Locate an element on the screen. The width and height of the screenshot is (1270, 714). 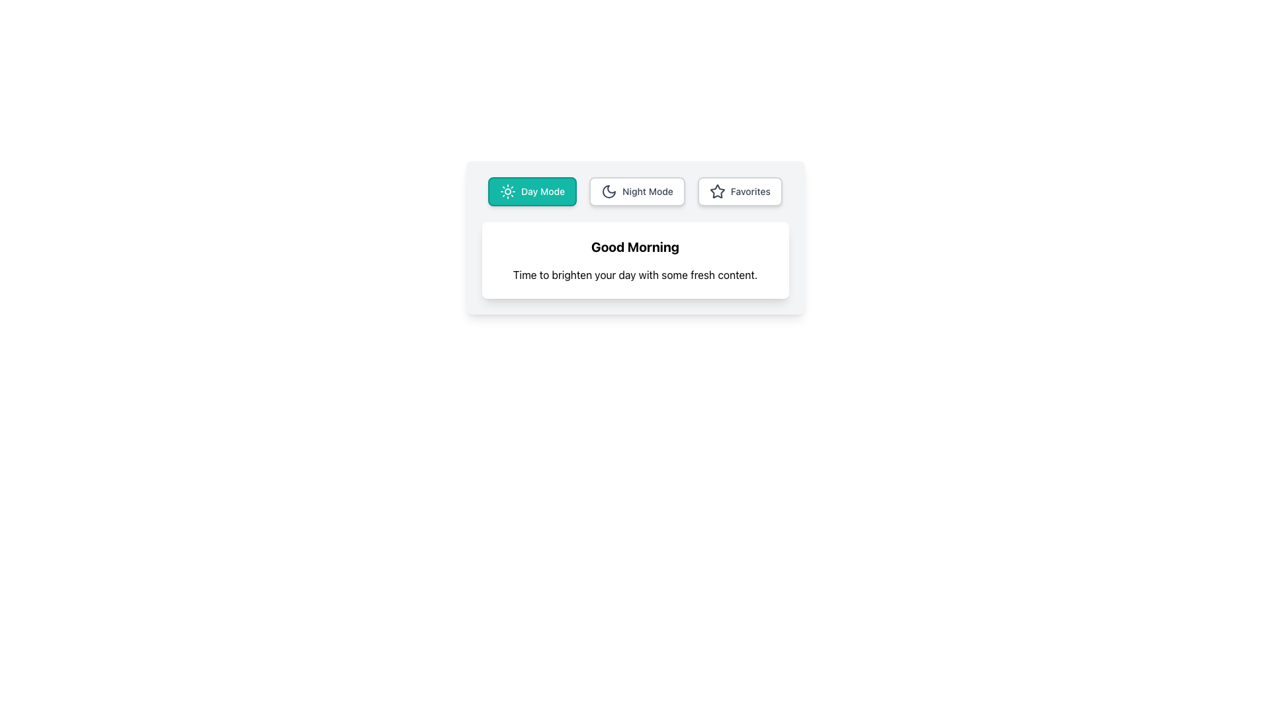
the 'Favorites' button, which is the rightmost button among three is located at coordinates (739, 191).